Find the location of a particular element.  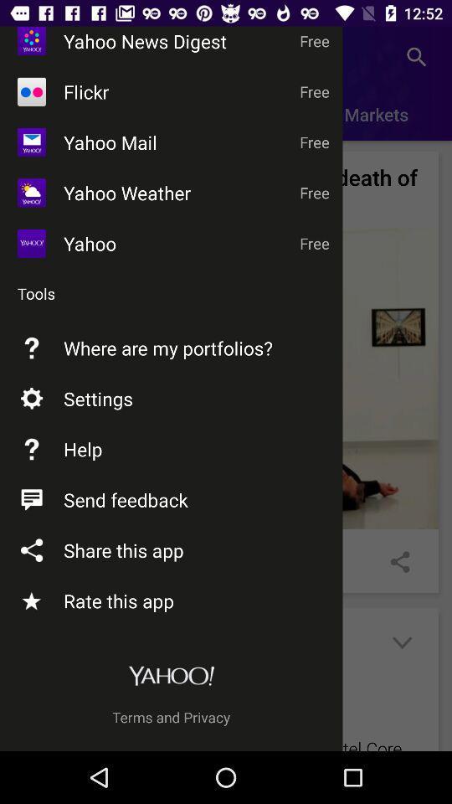

first option under tools is located at coordinates (226, 378).